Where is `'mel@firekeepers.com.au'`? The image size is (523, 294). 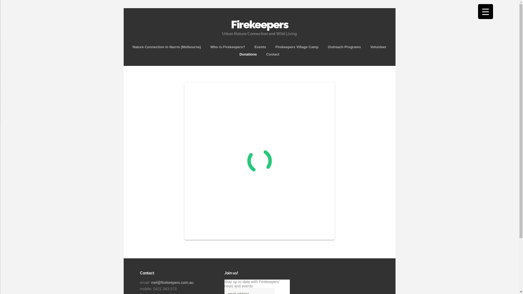
'mel@firekeepers.com.au' is located at coordinates (172, 282).